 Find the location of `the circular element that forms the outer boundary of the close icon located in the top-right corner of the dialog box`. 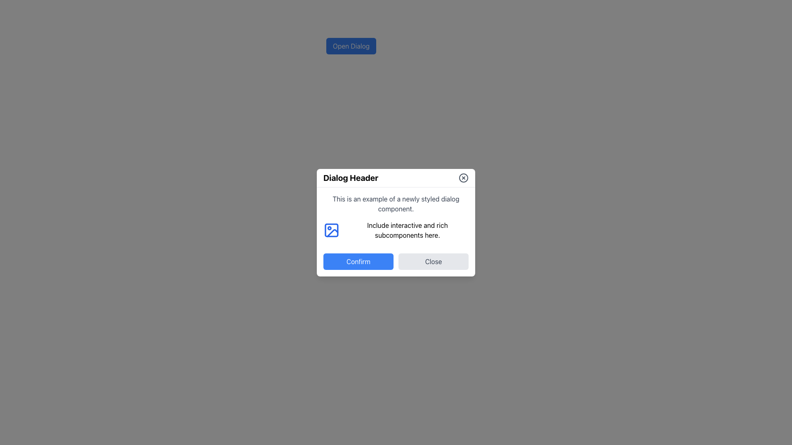

the circular element that forms the outer boundary of the close icon located in the top-right corner of the dialog box is located at coordinates (463, 177).